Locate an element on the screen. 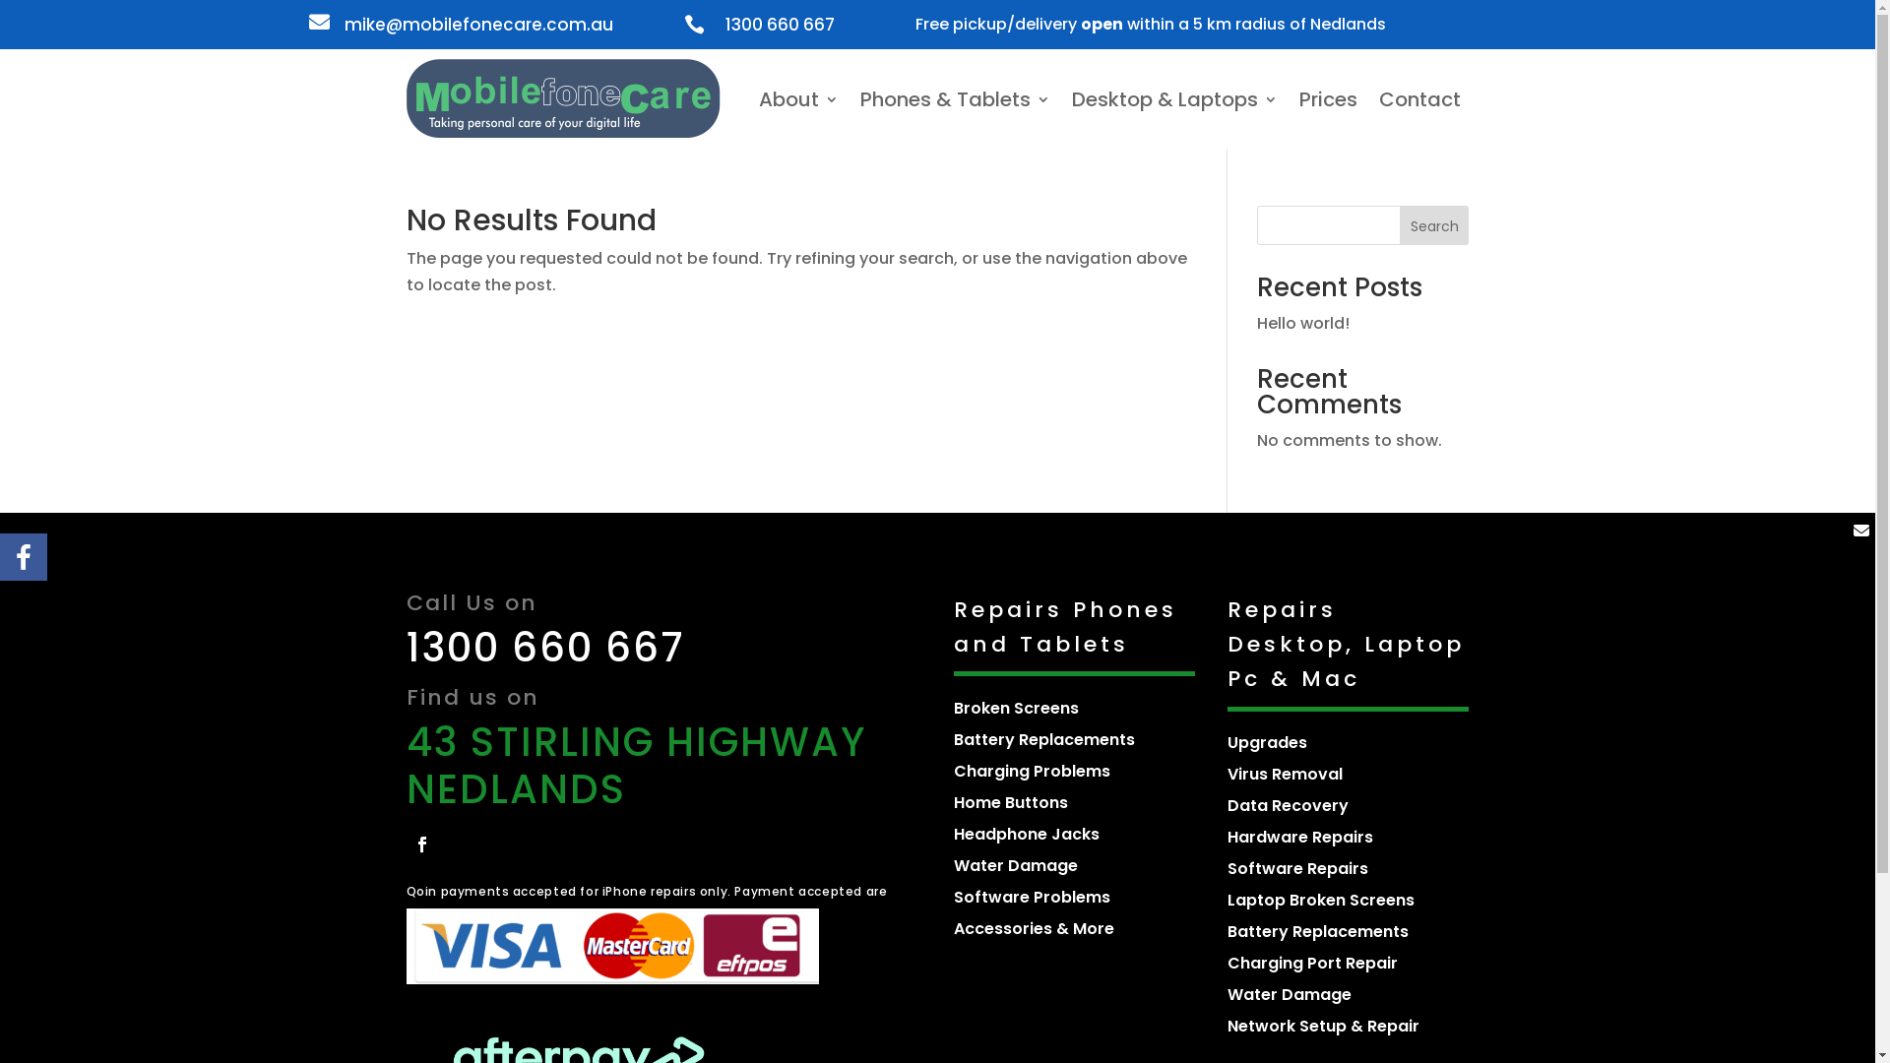 Image resolution: width=1890 pixels, height=1063 pixels. 'Contact' is located at coordinates (1418, 98).